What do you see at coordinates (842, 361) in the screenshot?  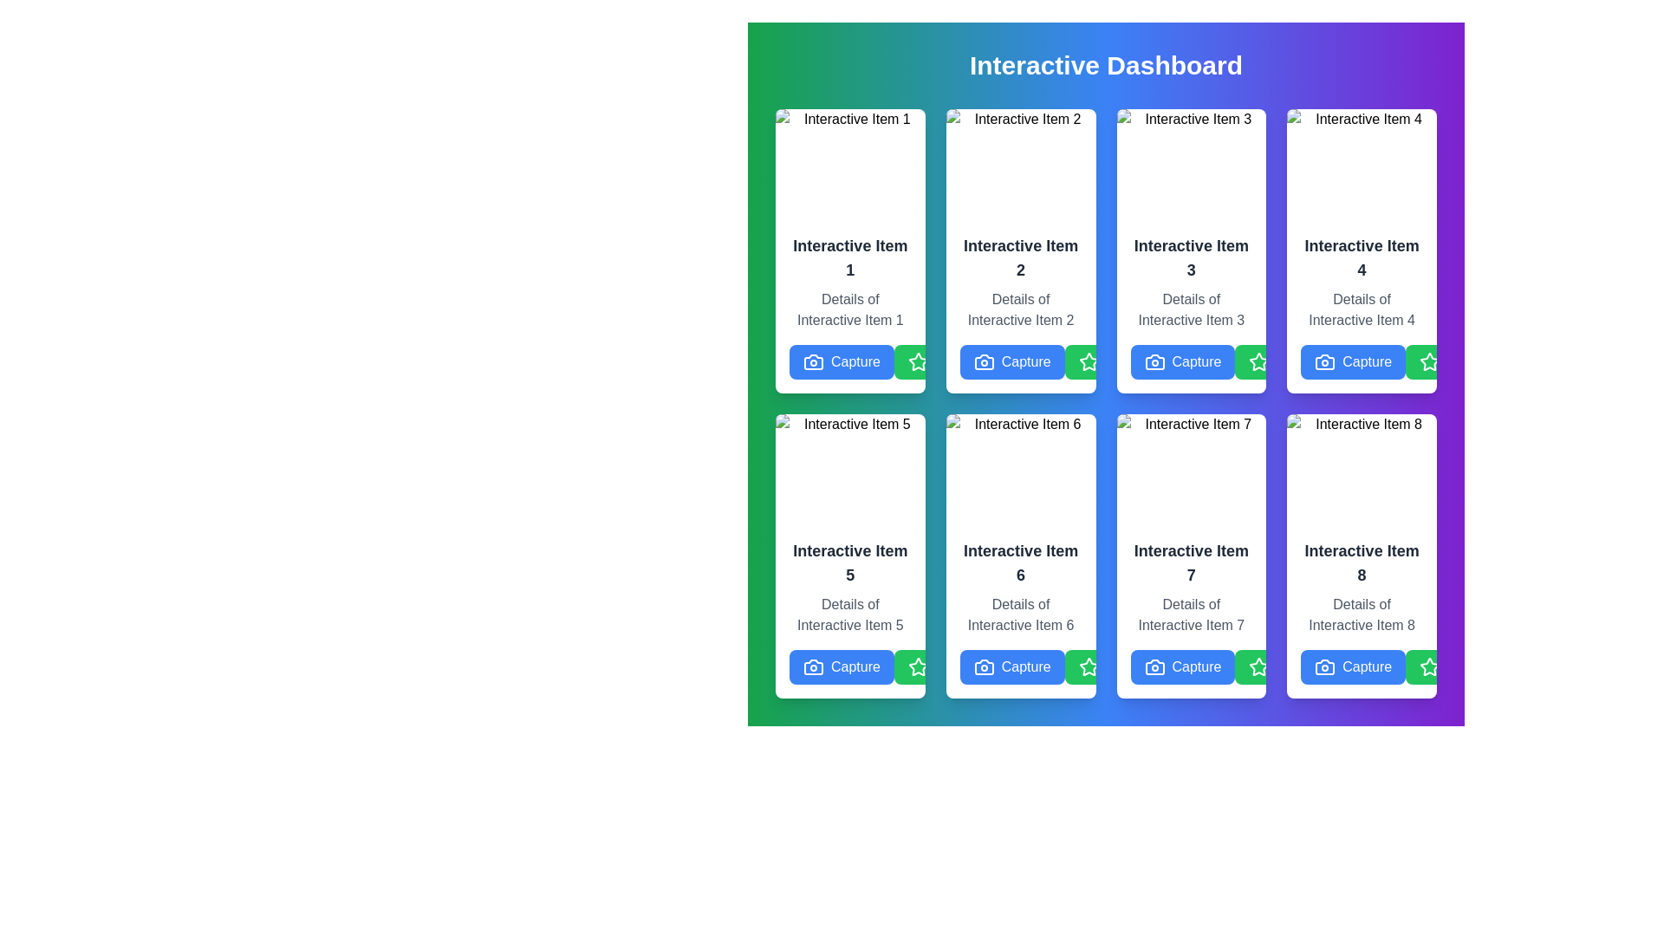 I see `the 'Capture' button, which is a blue rectangular button with white text and a camera icon` at bounding box center [842, 361].